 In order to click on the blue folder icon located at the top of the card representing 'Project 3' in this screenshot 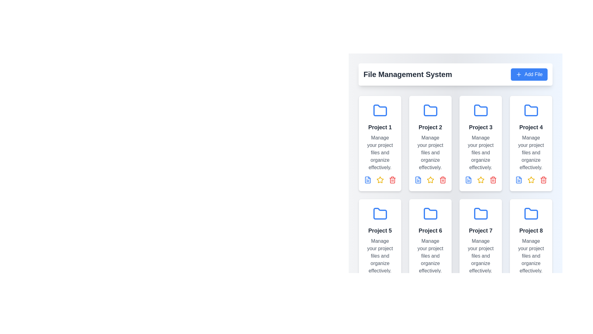, I will do `click(480, 110)`.